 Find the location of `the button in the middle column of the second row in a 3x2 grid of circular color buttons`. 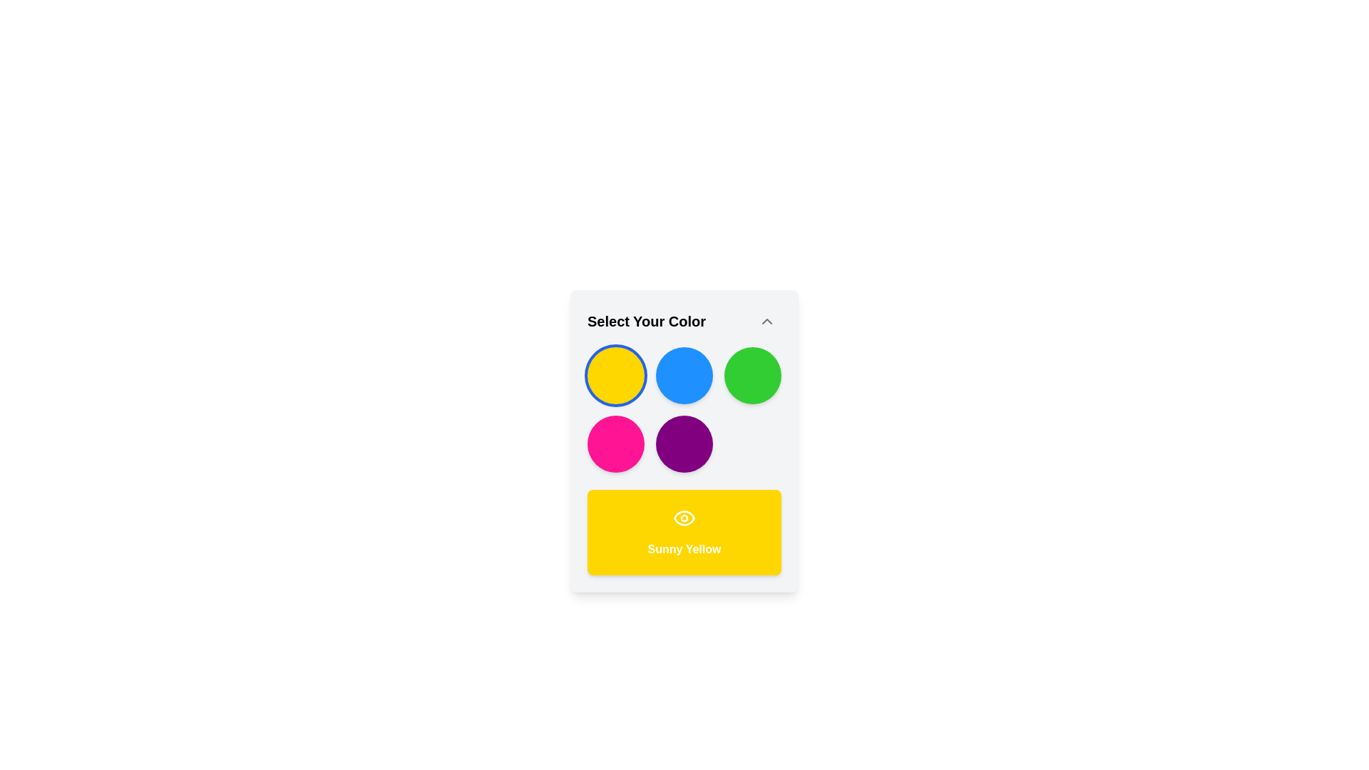

the button in the middle column of the second row in a 3x2 grid of circular color buttons is located at coordinates (684, 443).